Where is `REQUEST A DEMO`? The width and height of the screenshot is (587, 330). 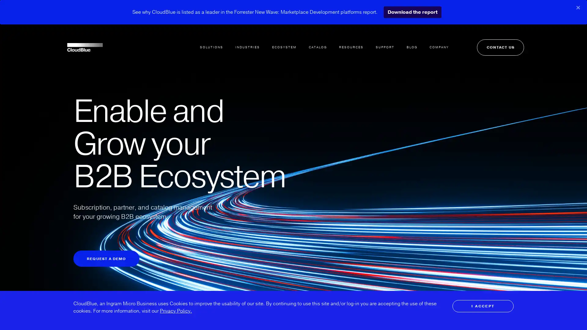 REQUEST A DEMO is located at coordinates (106, 258).